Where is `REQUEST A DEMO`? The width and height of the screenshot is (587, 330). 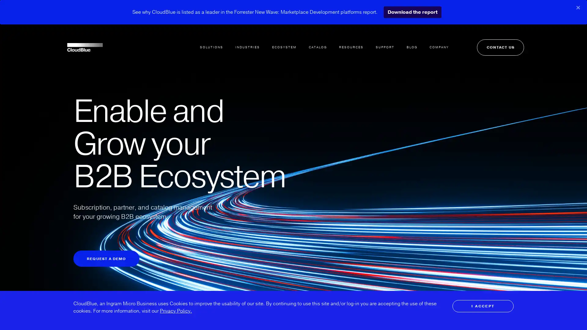 REQUEST A DEMO is located at coordinates (106, 258).